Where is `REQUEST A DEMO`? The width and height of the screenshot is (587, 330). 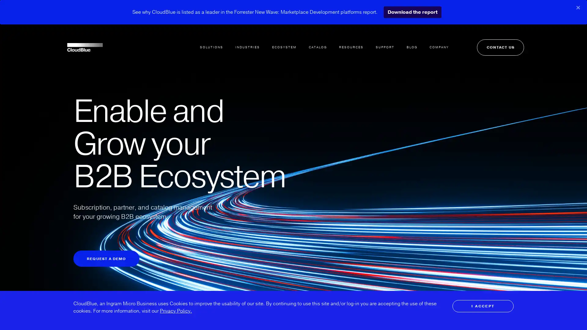 REQUEST A DEMO is located at coordinates (106, 258).